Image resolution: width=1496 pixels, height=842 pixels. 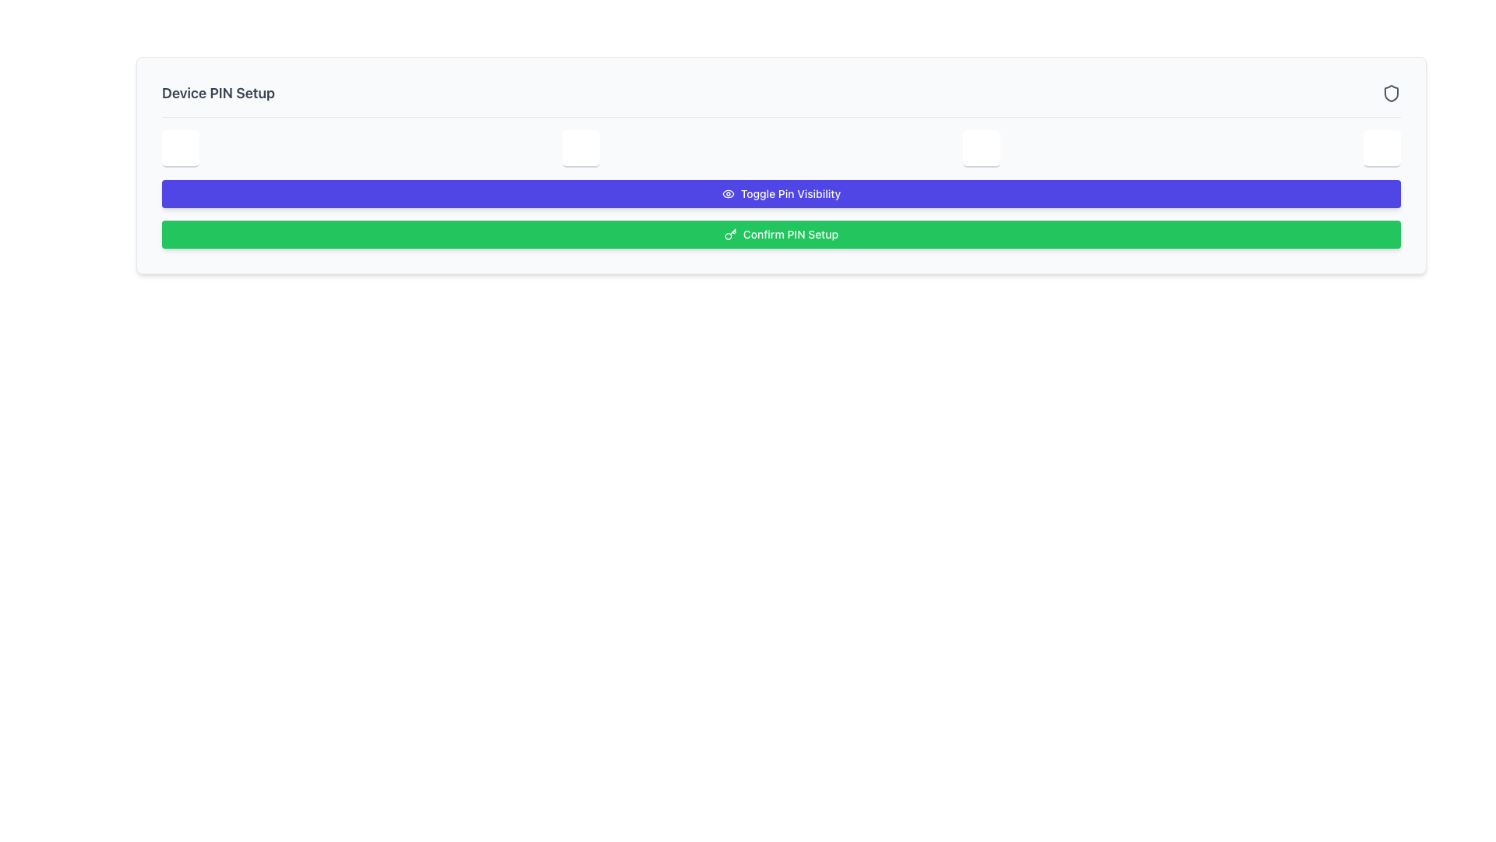 I want to click on the icon representing 'Toggle Pin Visibility' located to the left of the button's text, so click(x=727, y=193).